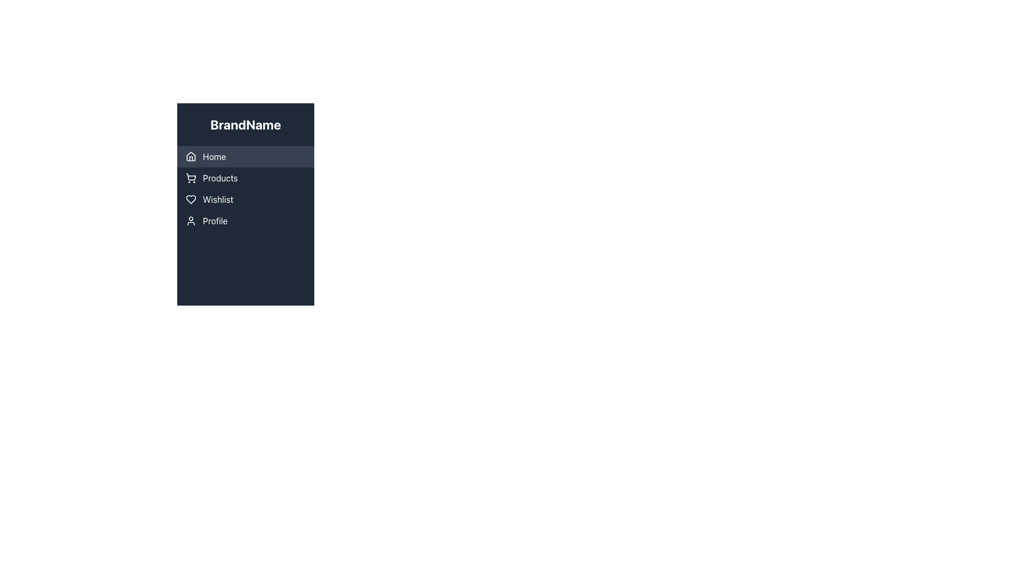 The height and width of the screenshot is (578, 1028). What do you see at coordinates (191, 200) in the screenshot?
I see `the heart icon representing the 'Wishlist' menu item, which is styled with a modern outline design and located in the third row of the navigation menu` at bounding box center [191, 200].